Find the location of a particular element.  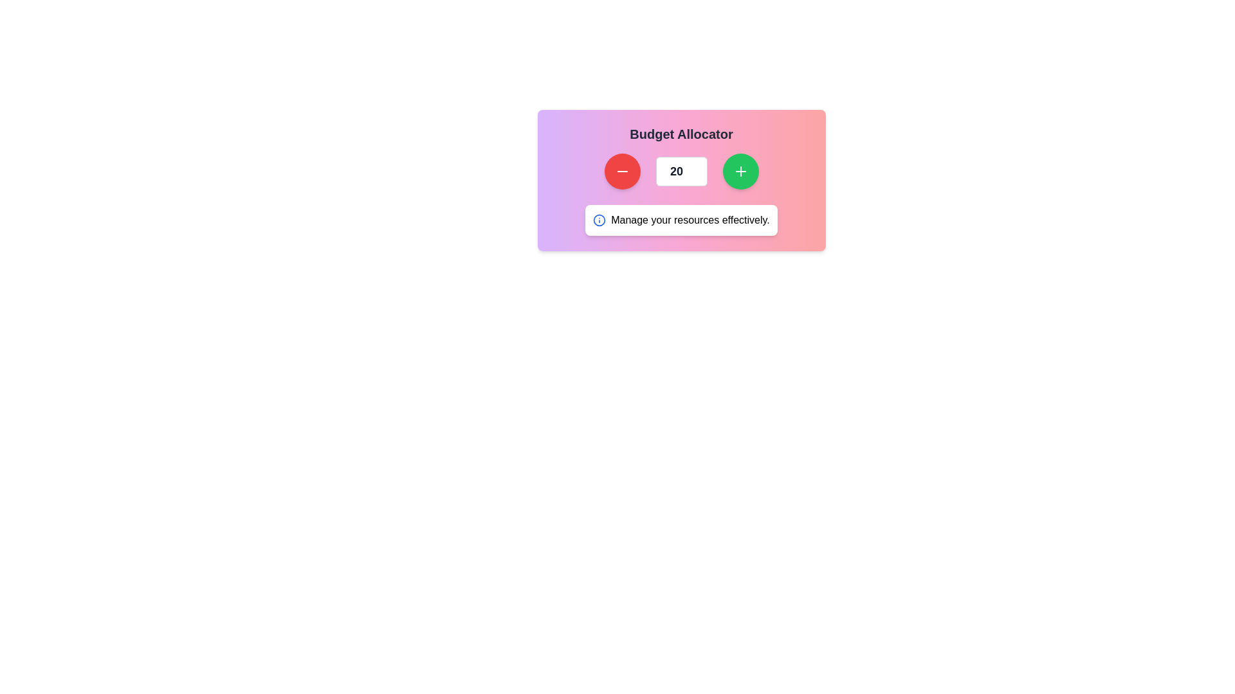

the leftmost red button in the horizontal group to decrease the number in the adjacent input box is located at coordinates (622, 170).